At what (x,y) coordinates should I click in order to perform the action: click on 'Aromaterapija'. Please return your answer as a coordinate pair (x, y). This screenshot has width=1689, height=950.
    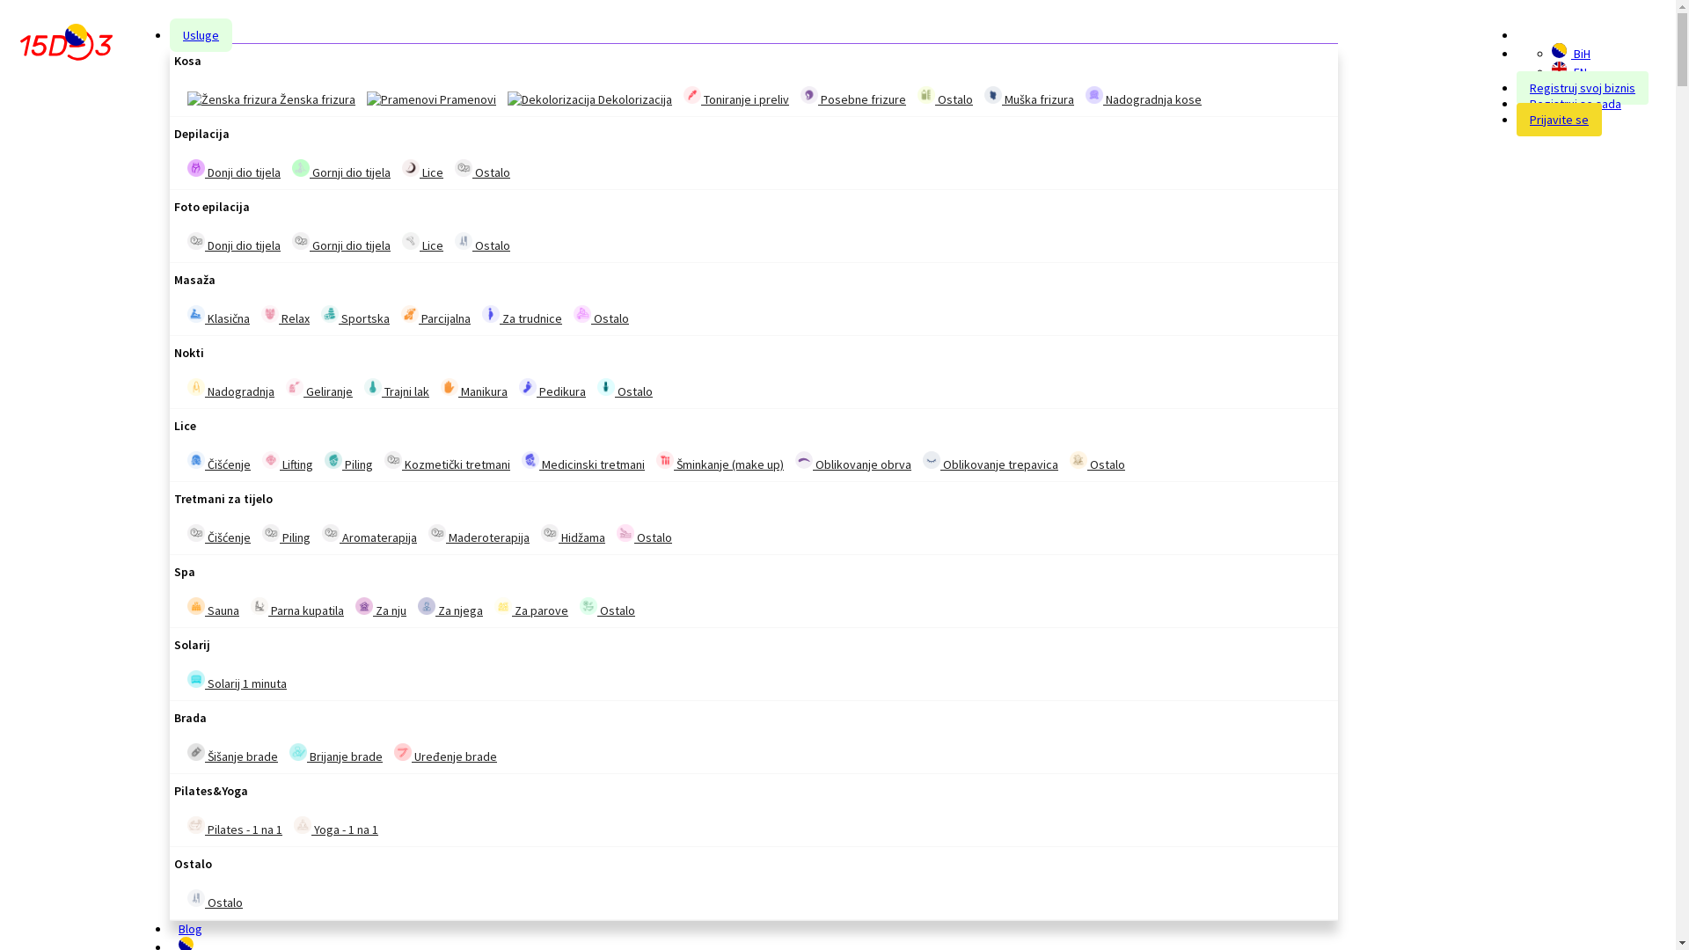
    Looking at the image, I should click on (369, 534).